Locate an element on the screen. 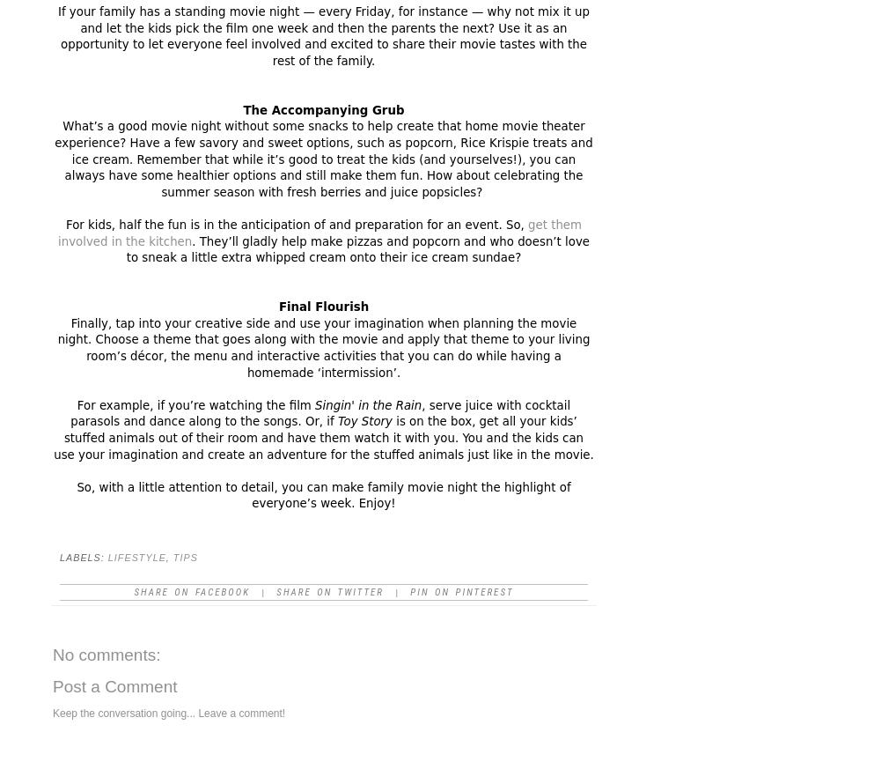 This screenshot has width=896, height=762. 'Pin on Pinterest' is located at coordinates (460, 591).